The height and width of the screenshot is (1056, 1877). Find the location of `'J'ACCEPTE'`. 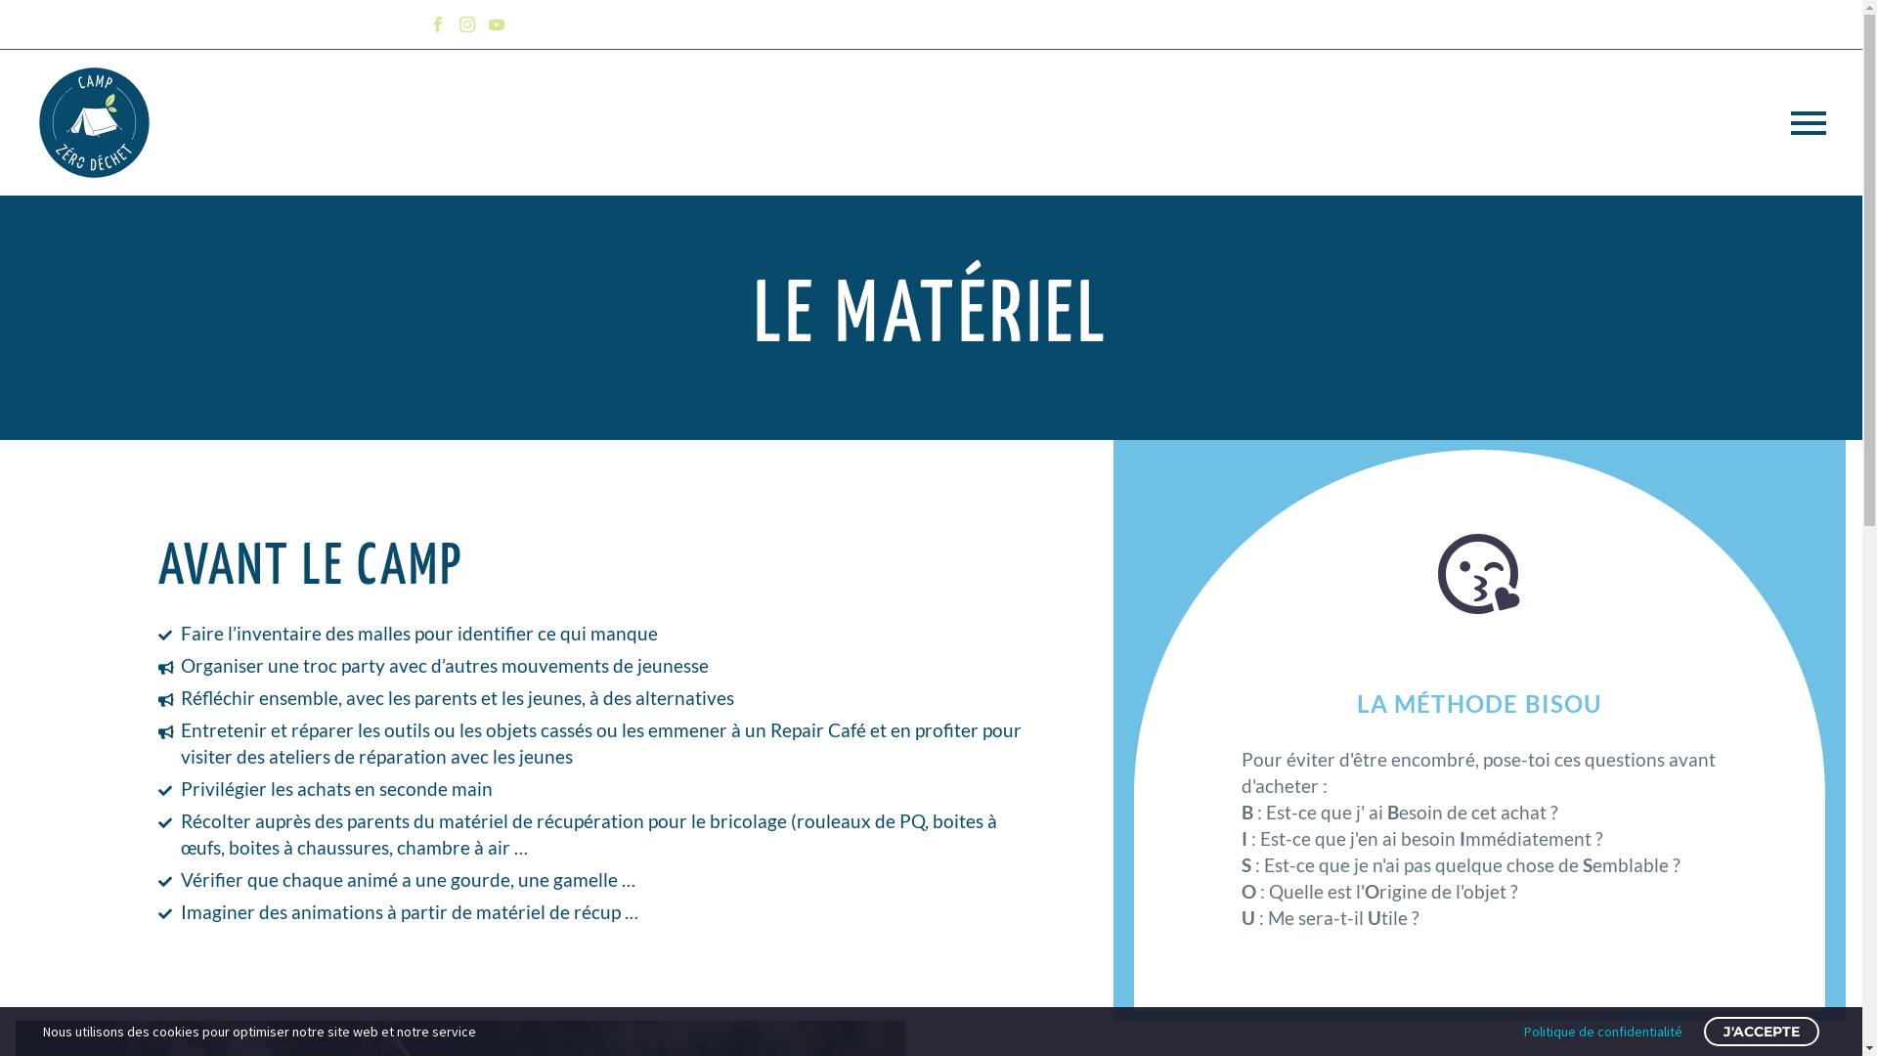

'J'ACCEPTE' is located at coordinates (1761, 1031).